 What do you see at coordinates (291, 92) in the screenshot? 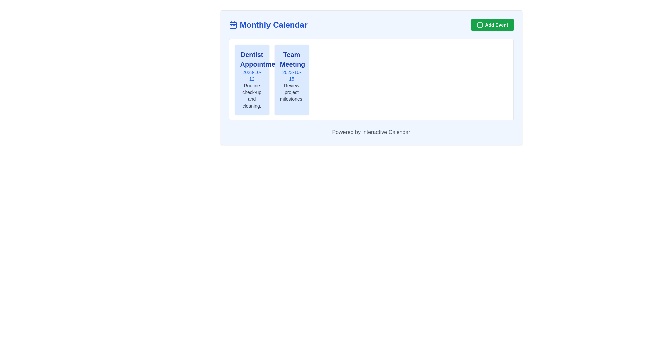
I see `the static text display that provides additional details about the 'Team Meeting' event, located within the blue card-like block` at bounding box center [291, 92].